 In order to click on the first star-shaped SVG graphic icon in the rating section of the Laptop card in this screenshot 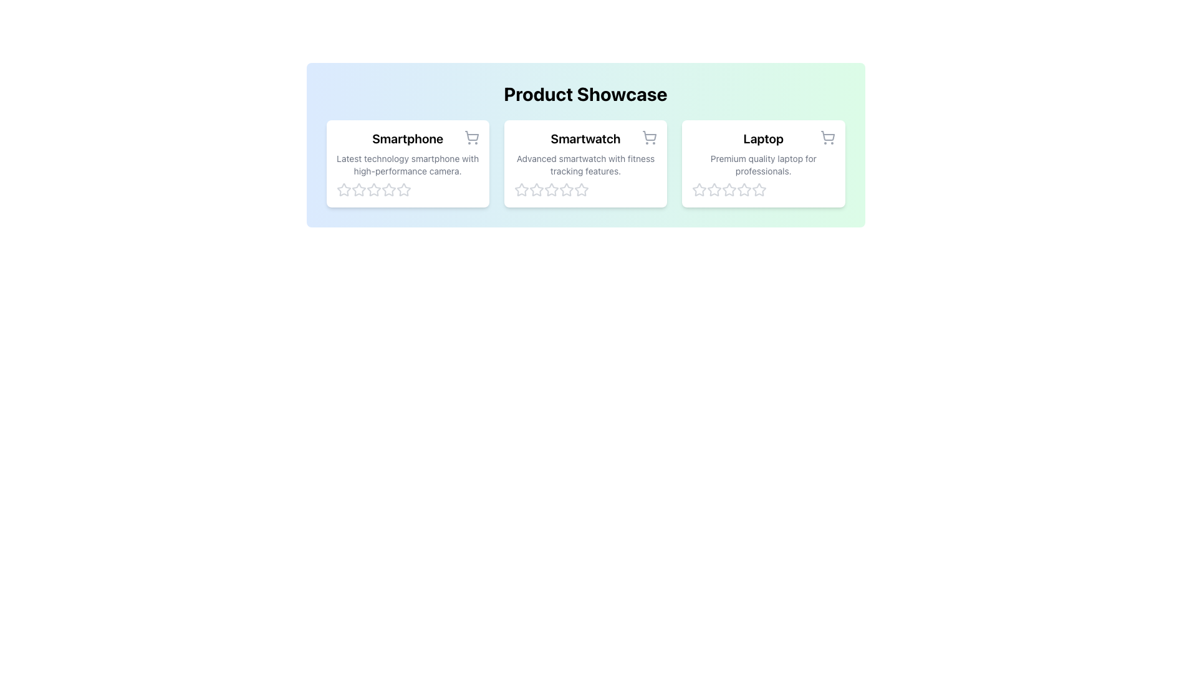, I will do `click(699, 189)`.